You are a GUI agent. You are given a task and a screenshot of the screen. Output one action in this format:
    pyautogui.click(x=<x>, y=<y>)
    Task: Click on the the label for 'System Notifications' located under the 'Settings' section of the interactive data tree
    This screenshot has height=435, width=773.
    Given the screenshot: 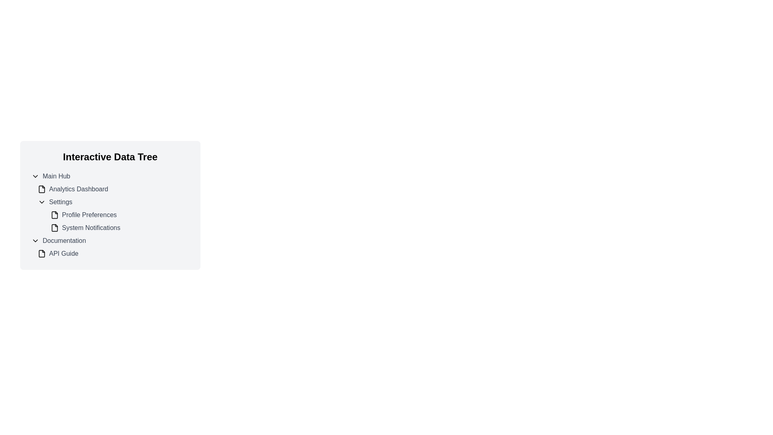 What is the action you would take?
    pyautogui.click(x=91, y=228)
    